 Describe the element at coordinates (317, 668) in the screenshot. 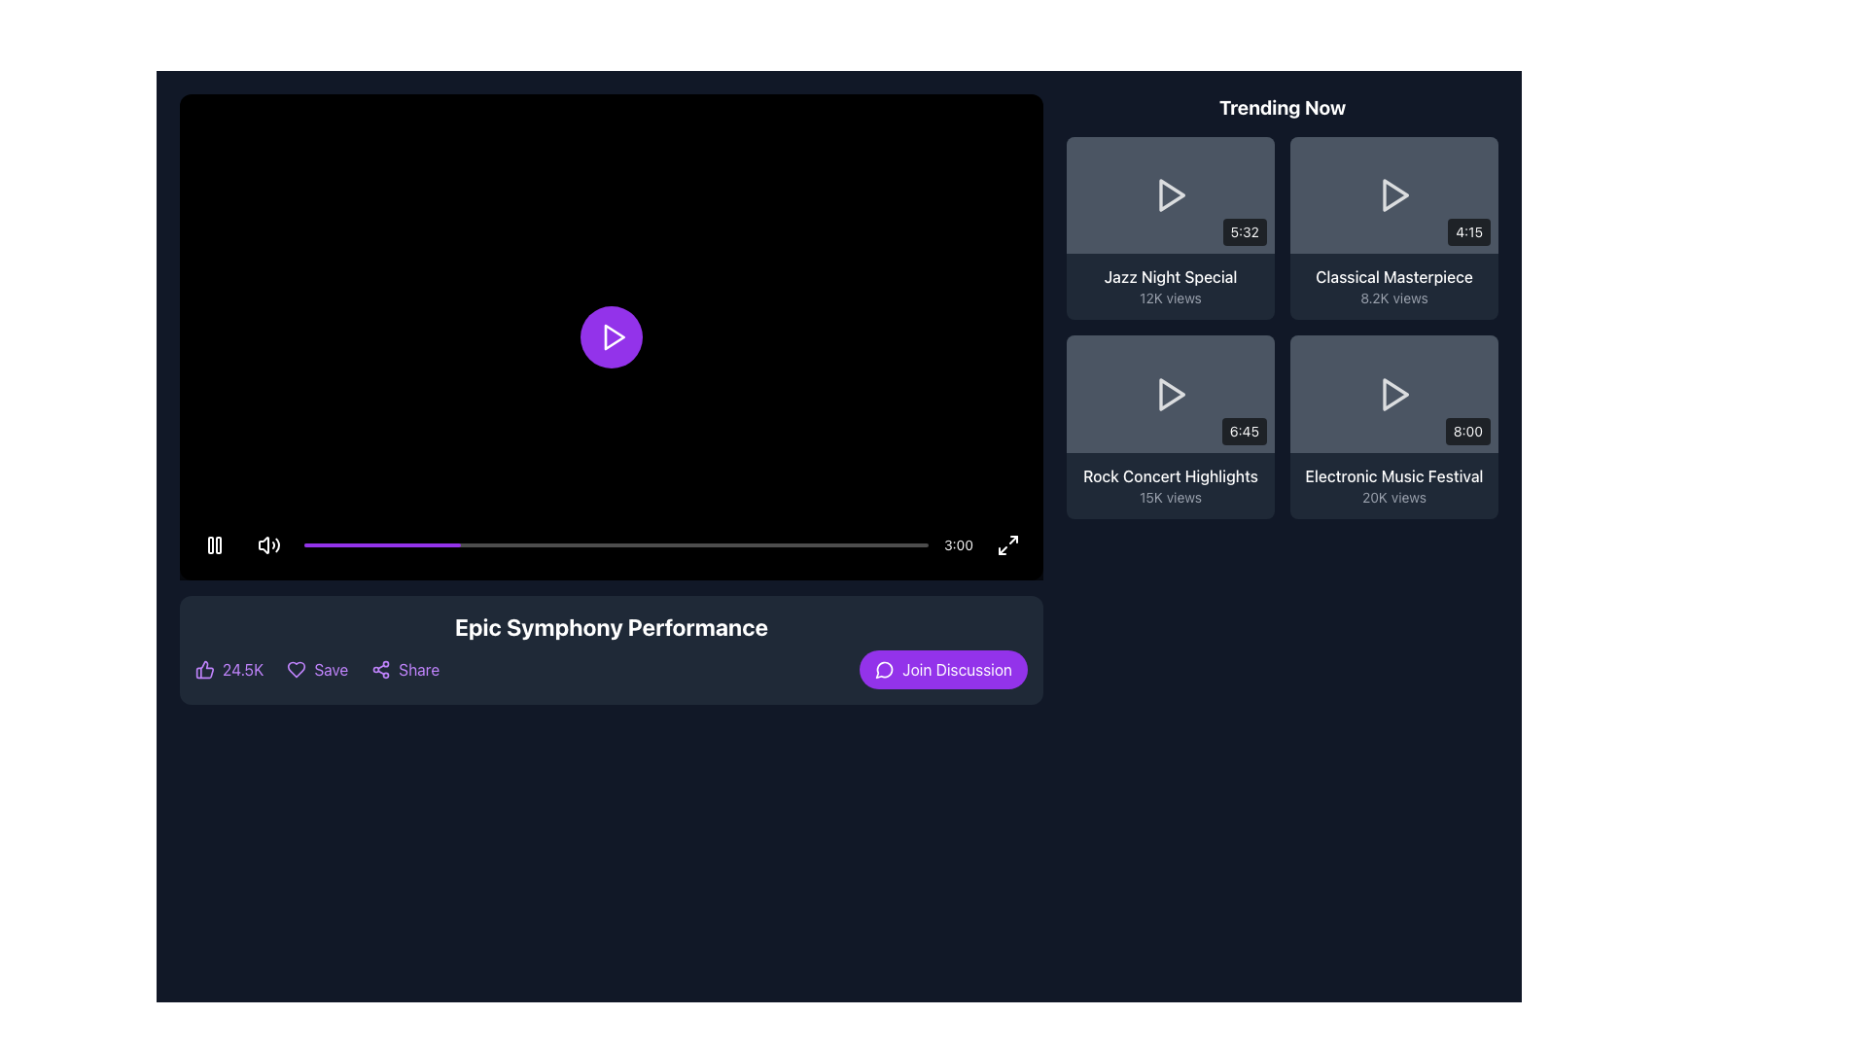

I see `the save button located below the video title and player controls, which is the second component in a horizontal row containing '24.5K', this element, and 'Share'` at that location.